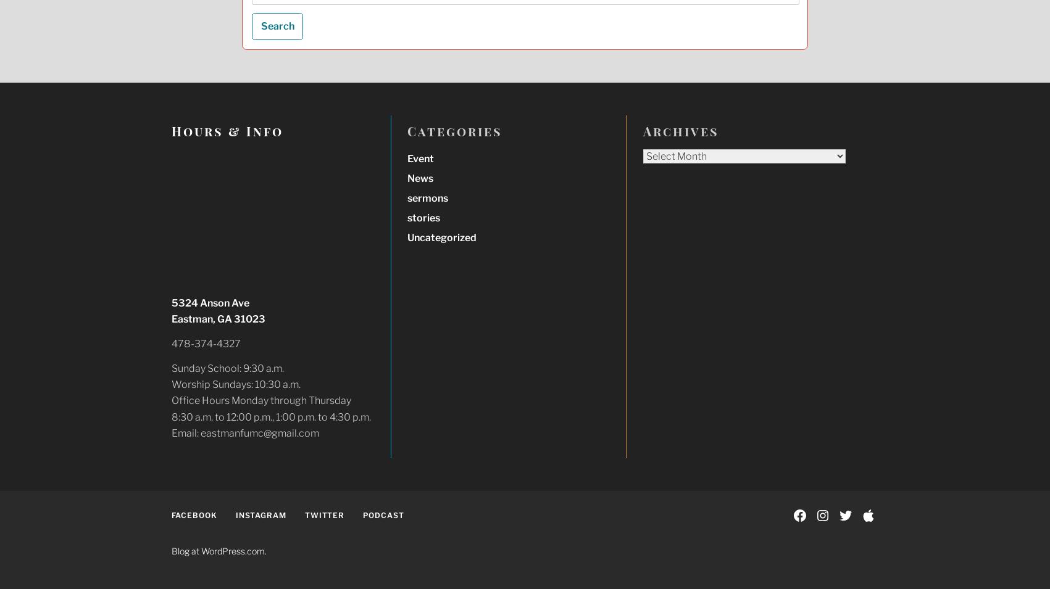 This screenshot has height=589, width=1050. Describe the element at coordinates (426, 197) in the screenshot. I see `'sermons'` at that location.